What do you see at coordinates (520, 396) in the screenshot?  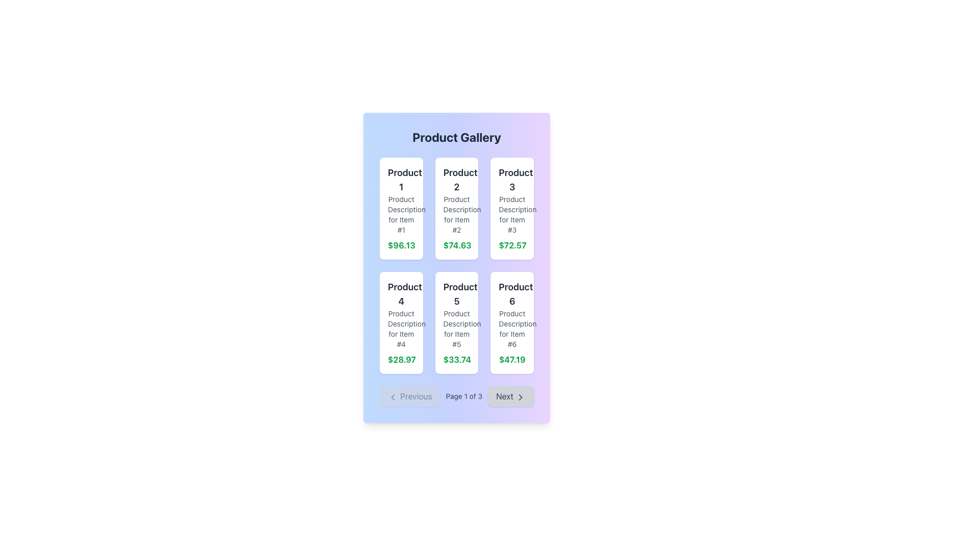 I see `the navigation icon located inside the 'Next' button at the bottom-right area of the interface` at bounding box center [520, 396].